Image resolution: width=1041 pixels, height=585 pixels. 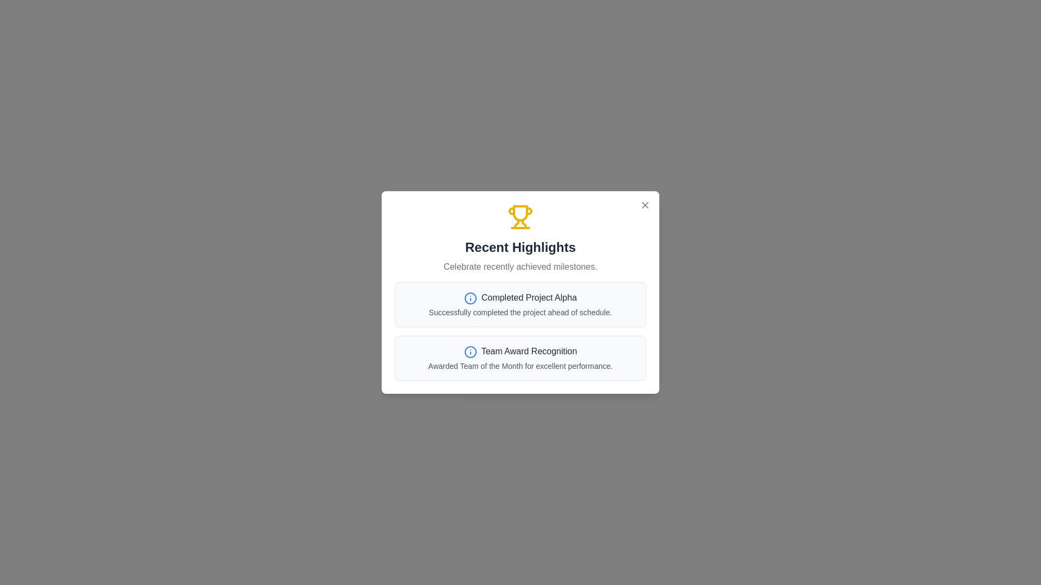 I want to click on the informational or warning icon related to the 'Team Award Recognition' description, positioned to the left of the corresponding text, so click(x=470, y=352).